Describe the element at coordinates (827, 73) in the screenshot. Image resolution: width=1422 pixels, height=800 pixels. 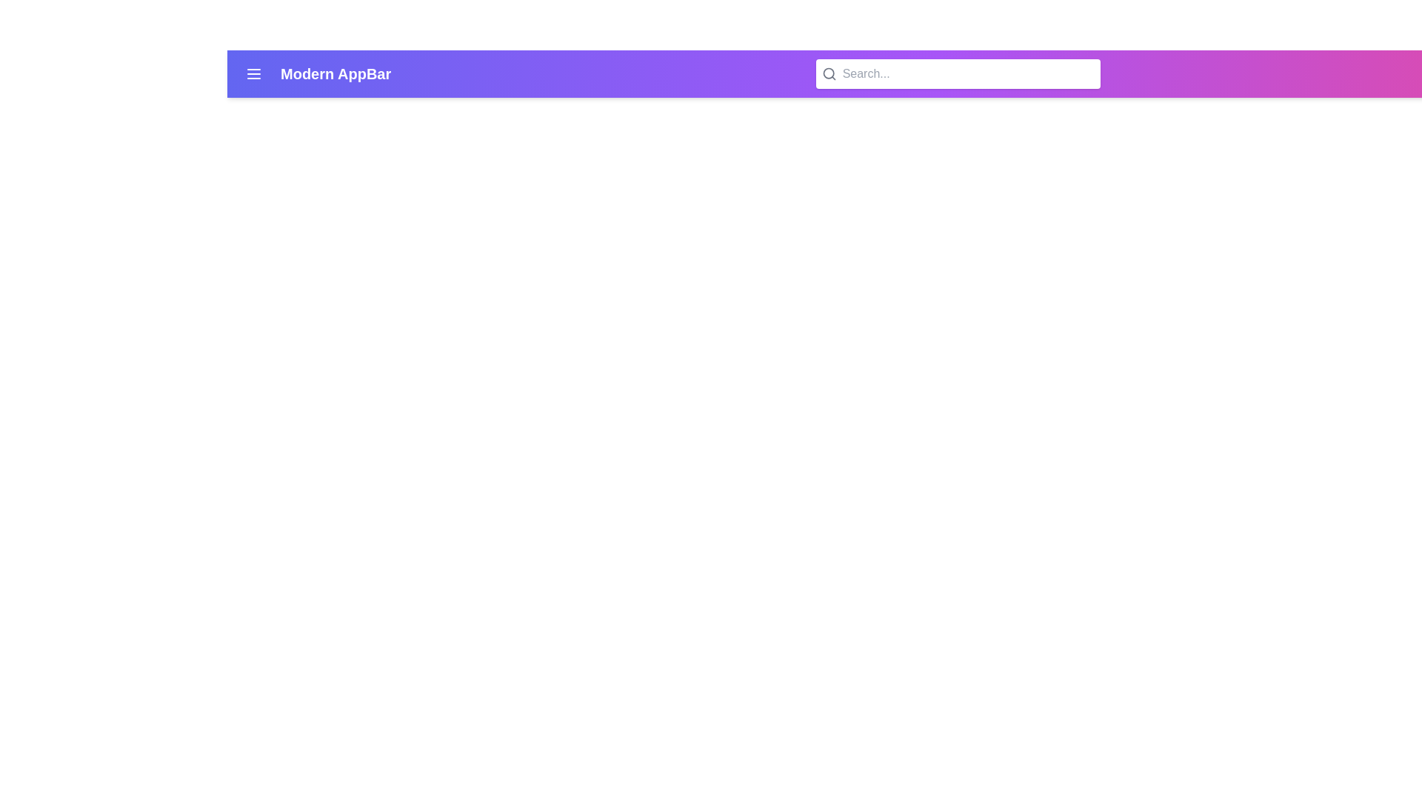
I see `the circular part of the magnifying glass icon located in the top-right corner of the header bar` at that location.